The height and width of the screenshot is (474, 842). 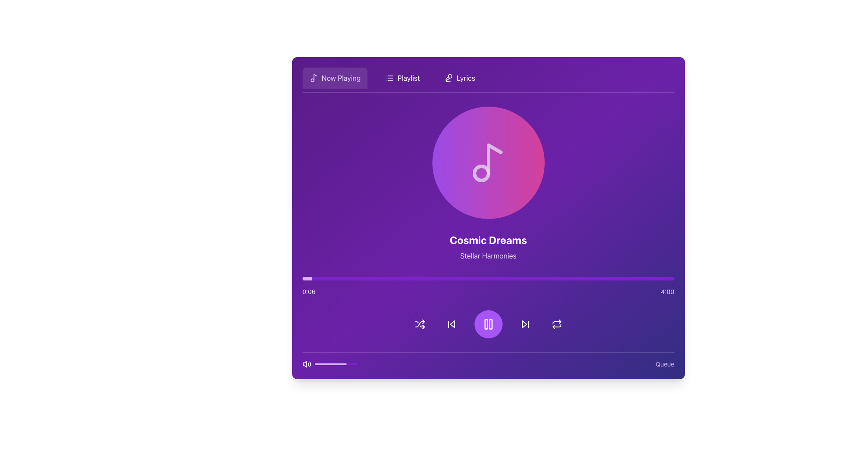 I want to click on playback progress, so click(x=518, y=279).